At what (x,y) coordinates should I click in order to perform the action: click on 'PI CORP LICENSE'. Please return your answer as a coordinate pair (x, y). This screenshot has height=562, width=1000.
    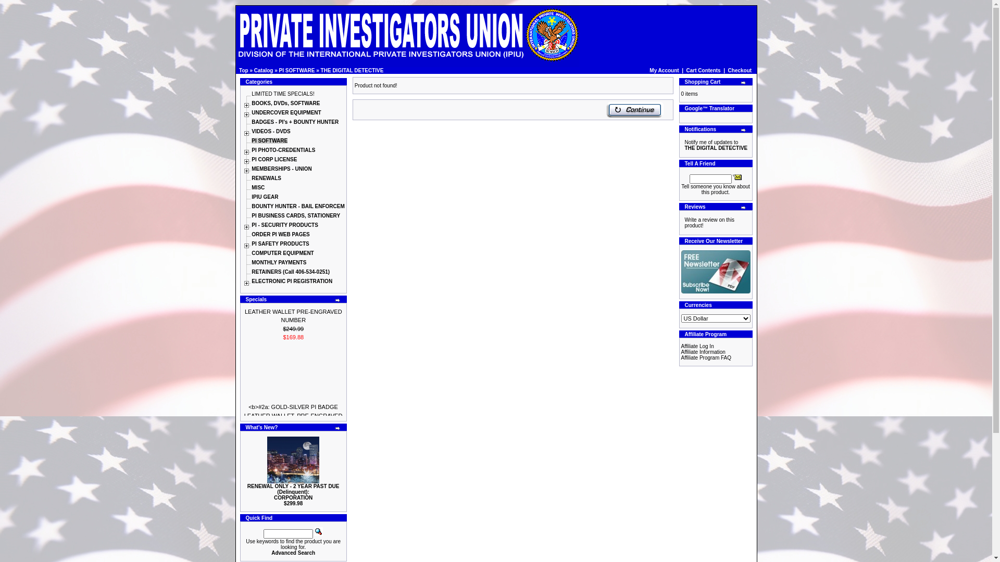
    Looking at the image, I should click on (252, 159).